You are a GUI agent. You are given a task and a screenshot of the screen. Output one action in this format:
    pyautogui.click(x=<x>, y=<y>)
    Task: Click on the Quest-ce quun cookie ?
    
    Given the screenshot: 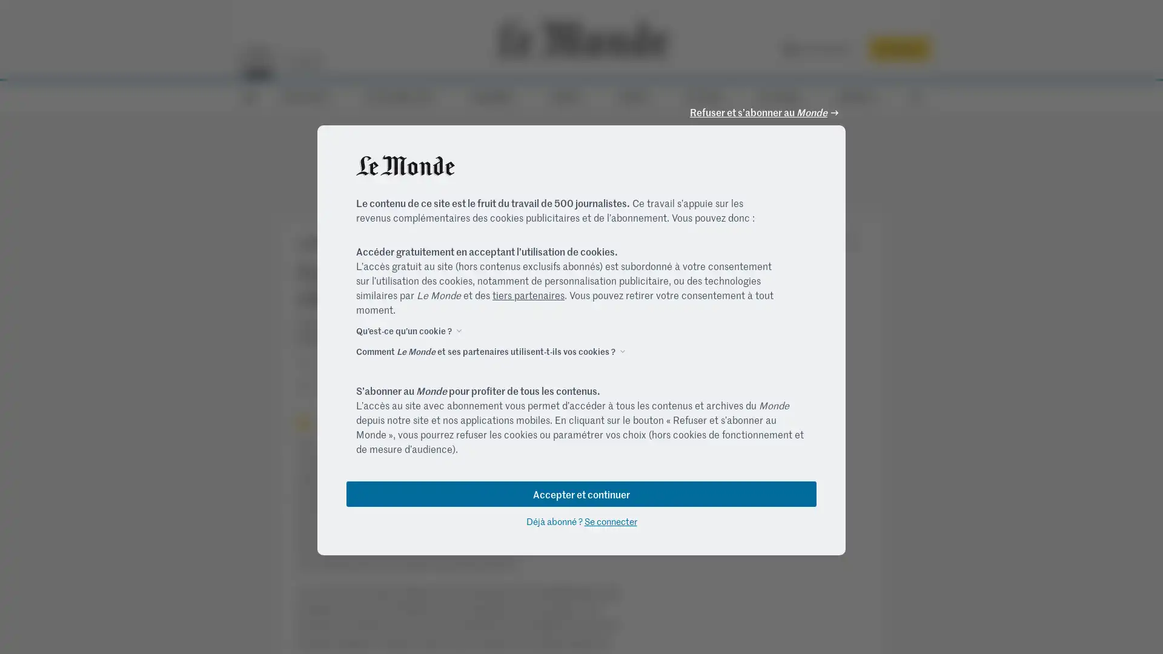 What is the action you would take?
    pyautogui.click(x=404, y=329)
    